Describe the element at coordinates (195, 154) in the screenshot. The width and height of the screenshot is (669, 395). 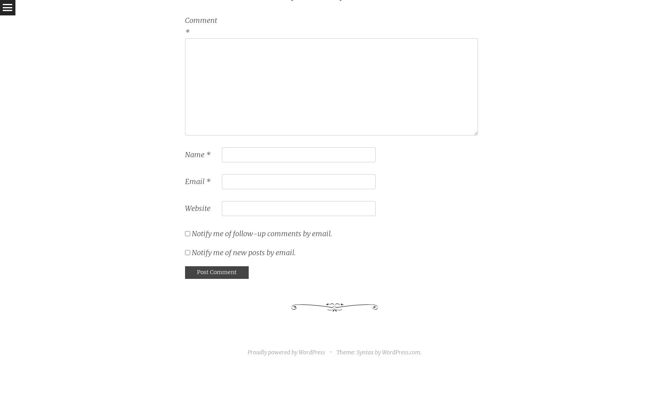
I see `'Name'` at that location.